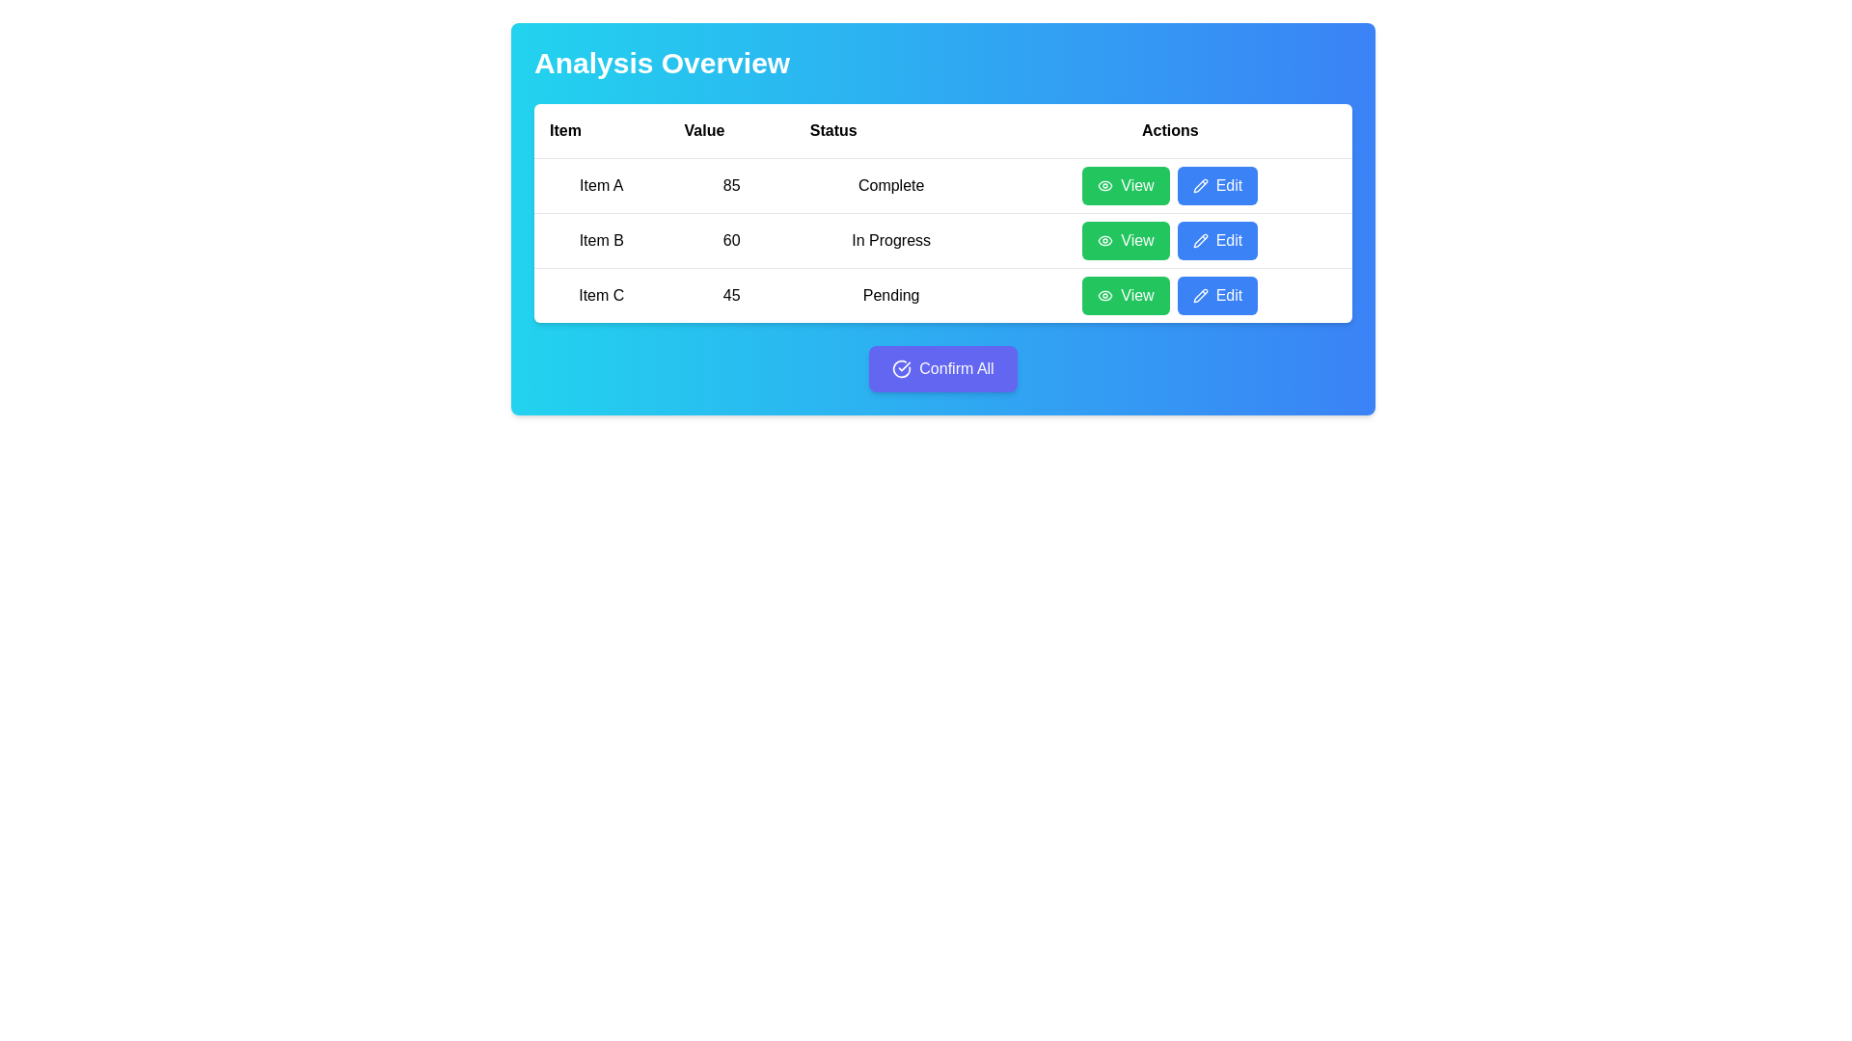 This screenshot has width=1852, height=1041. I want to click on the eye icon located in the second row of the table under the 'Actions' column, so click(1105, 240).